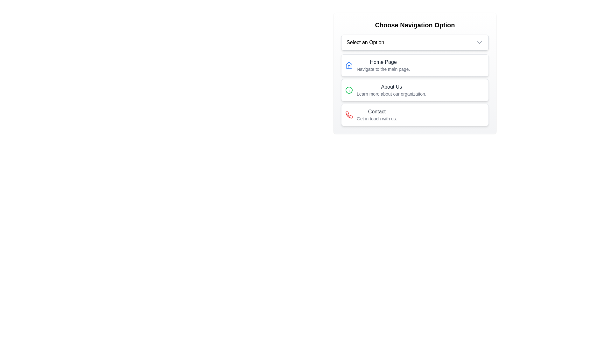 The image size is (611, 343). What do you see at coordinates (415, 65) in the screenshot?
I see `the first clickable button styled as a card in the 'Choose Navigation Option' section` at bounding box center [415, 65].